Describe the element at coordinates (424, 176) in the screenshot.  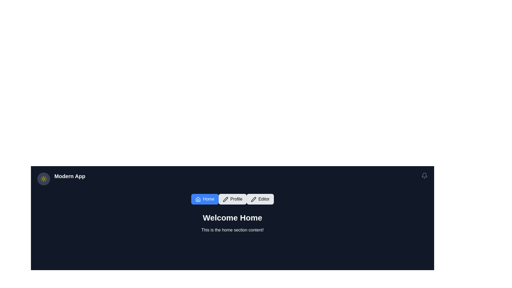
I see `the gray bell-shaped notification icon located at the top-right corner of the header section, which is visually isolated from other elements` at that location.